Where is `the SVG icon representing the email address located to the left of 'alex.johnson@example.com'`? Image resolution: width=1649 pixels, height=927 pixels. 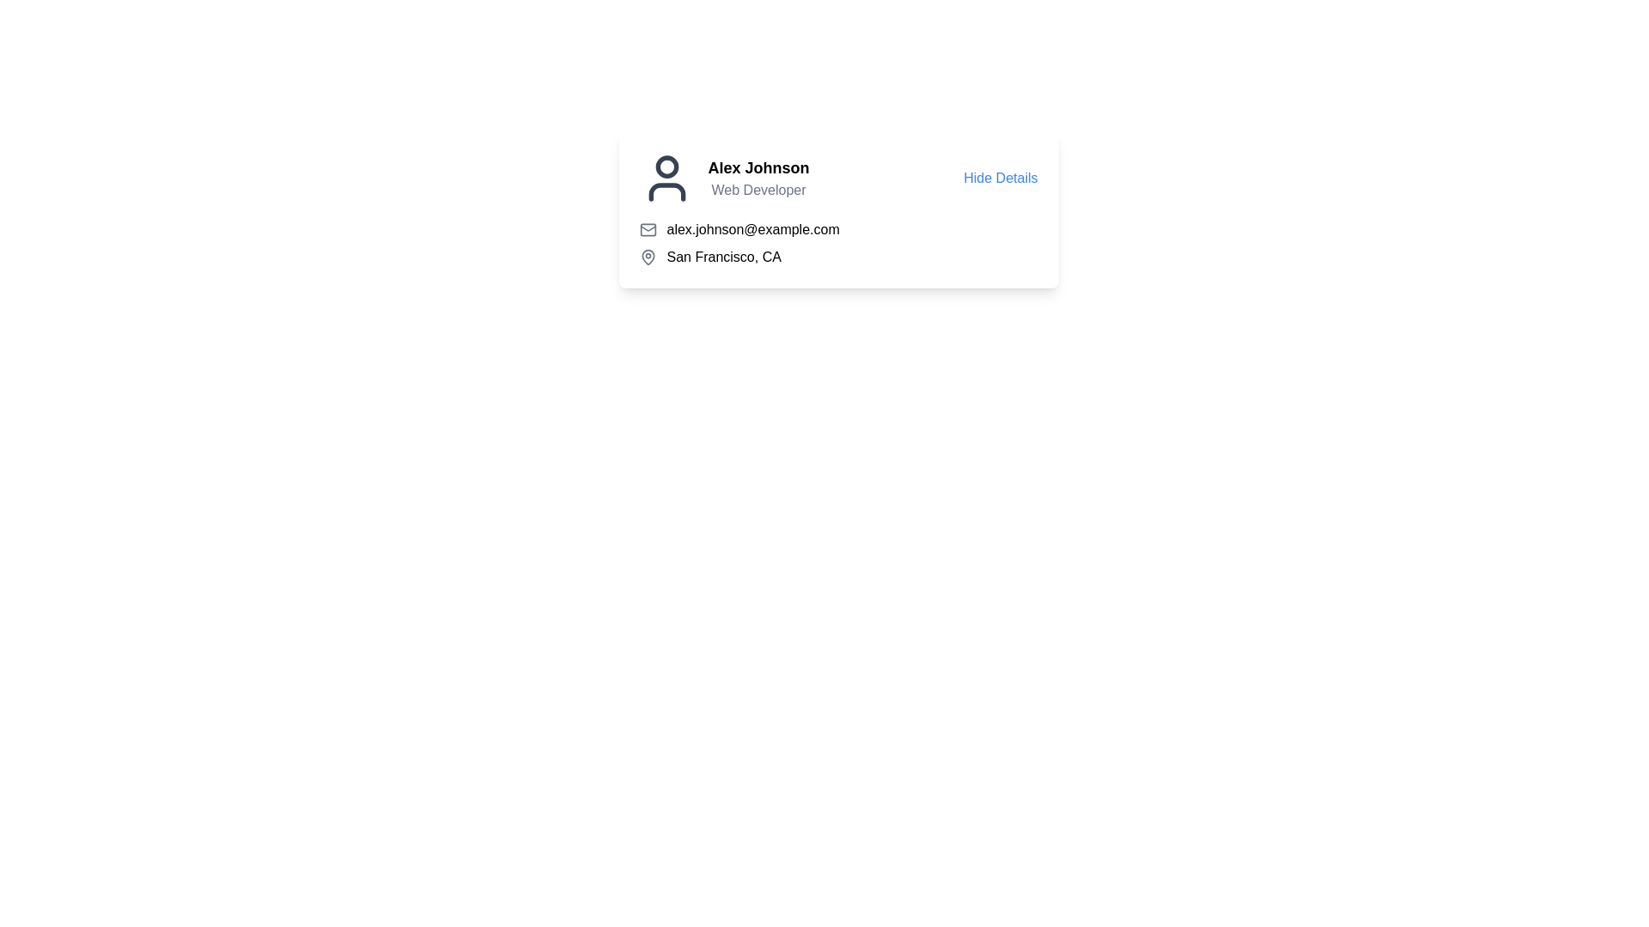
the SVG icon representing the email address located to the left of 'alex.johnson@example.com' is located at coordinates (647, 228).